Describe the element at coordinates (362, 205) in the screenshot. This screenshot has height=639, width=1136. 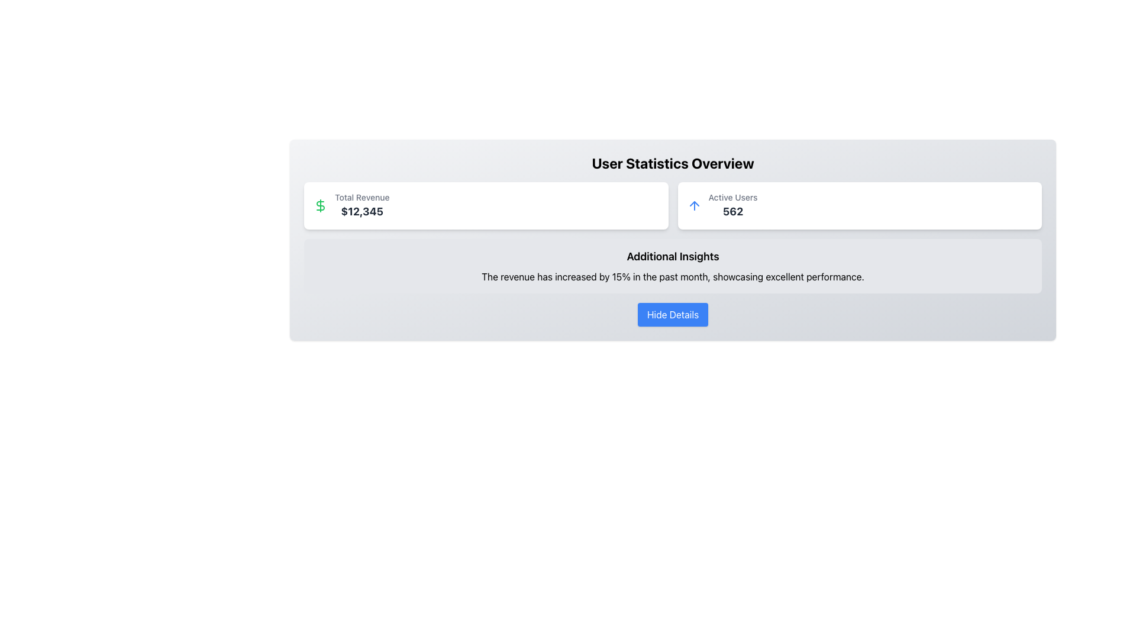
I see `the total revenue Text Display element, which is bold and located below a green dollar sign icon in the left box of two aligned horizontally` at that location.